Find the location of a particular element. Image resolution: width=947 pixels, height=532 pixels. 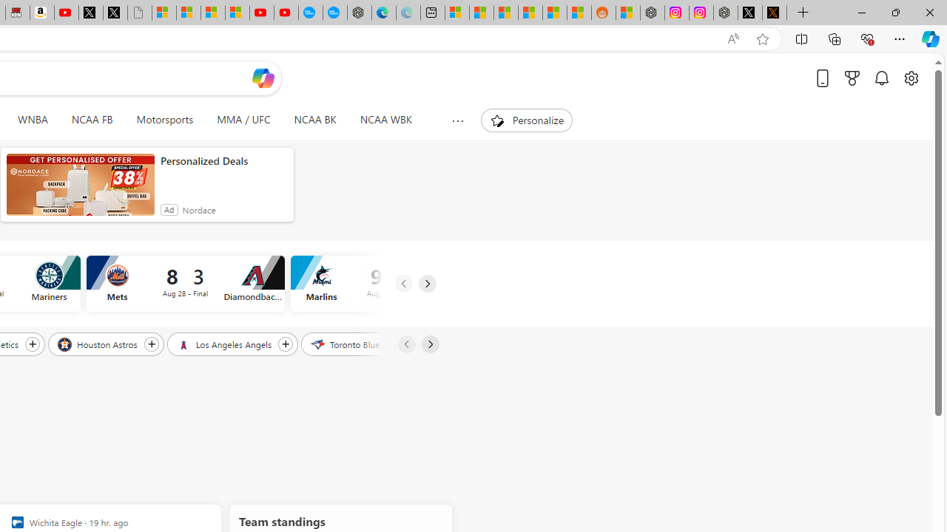

'NCAA FB' is located at coordinates (91, 120).